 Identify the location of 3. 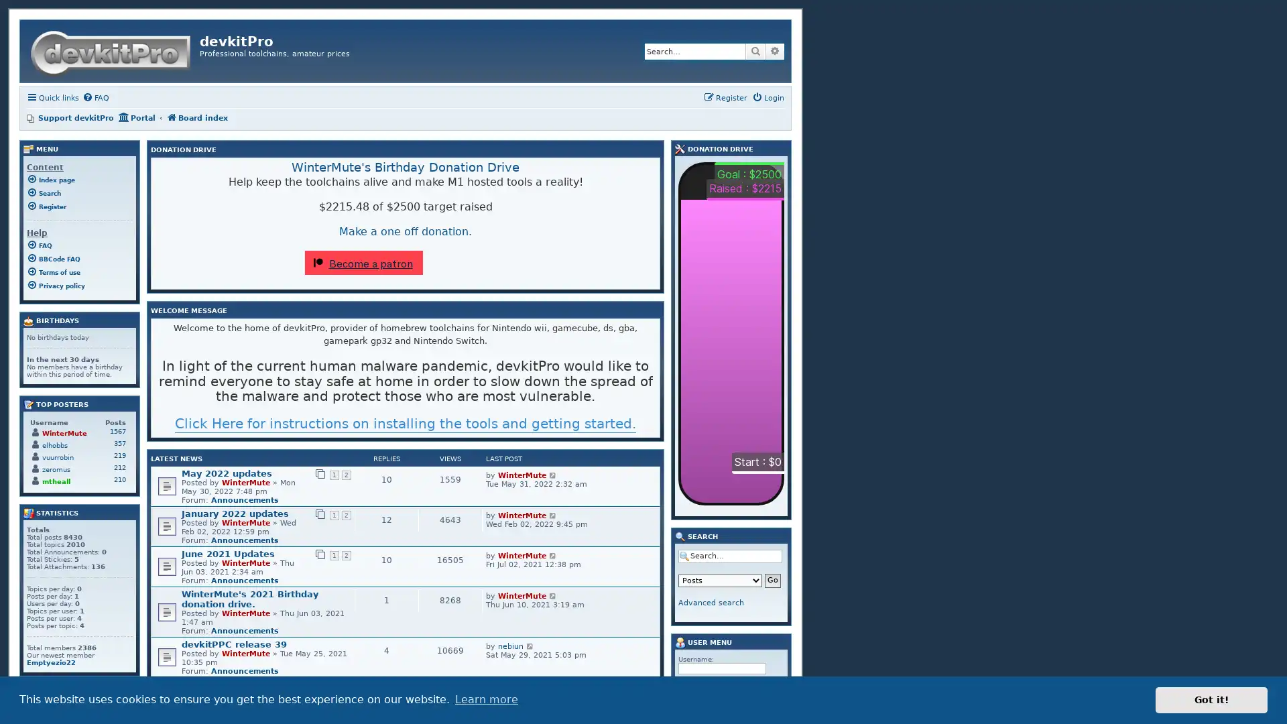
(601, 684).